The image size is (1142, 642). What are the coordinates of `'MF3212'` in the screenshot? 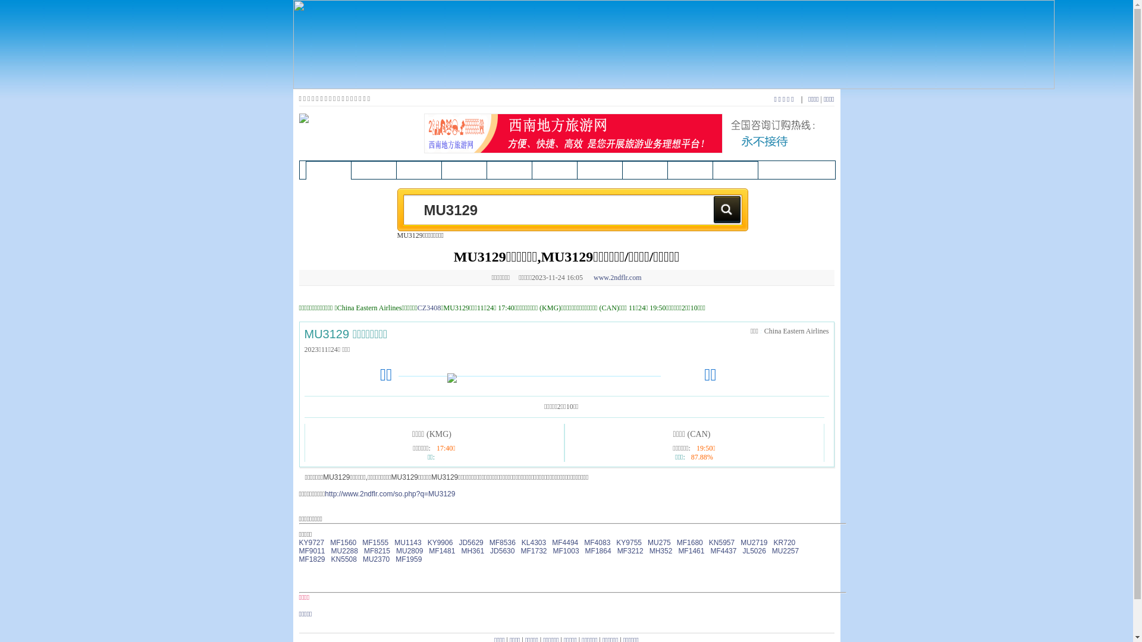 It's located at (630, 550).